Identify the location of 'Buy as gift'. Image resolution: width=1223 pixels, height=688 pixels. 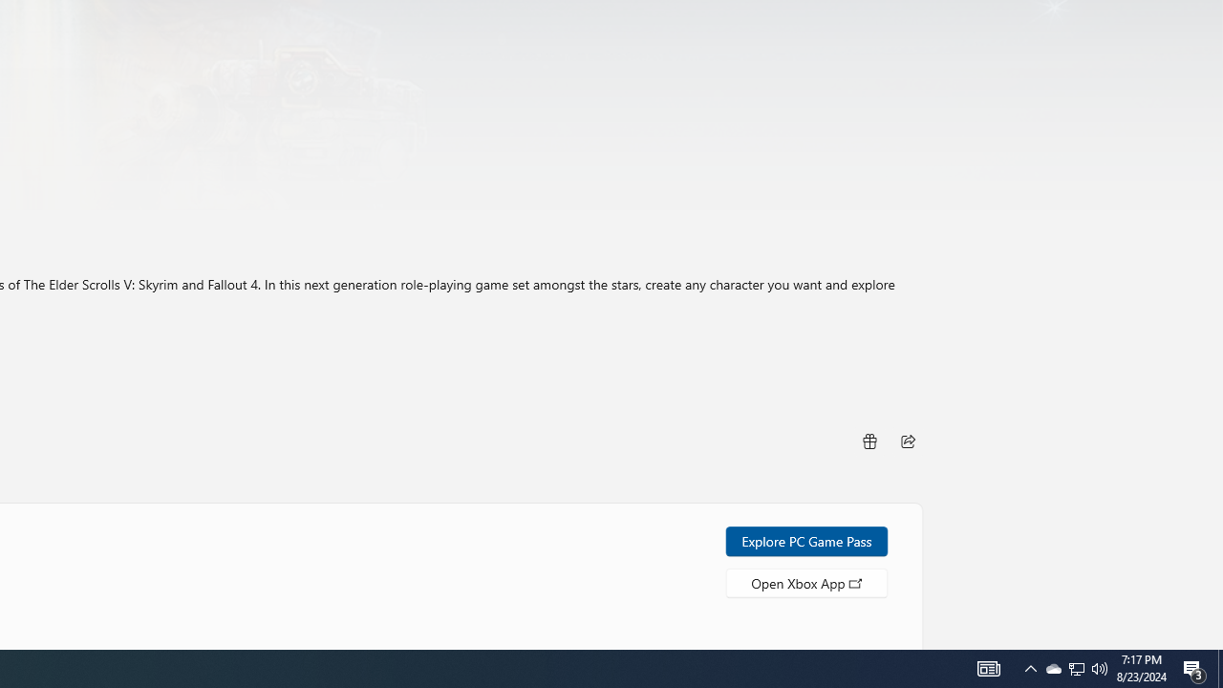
(868, 440).